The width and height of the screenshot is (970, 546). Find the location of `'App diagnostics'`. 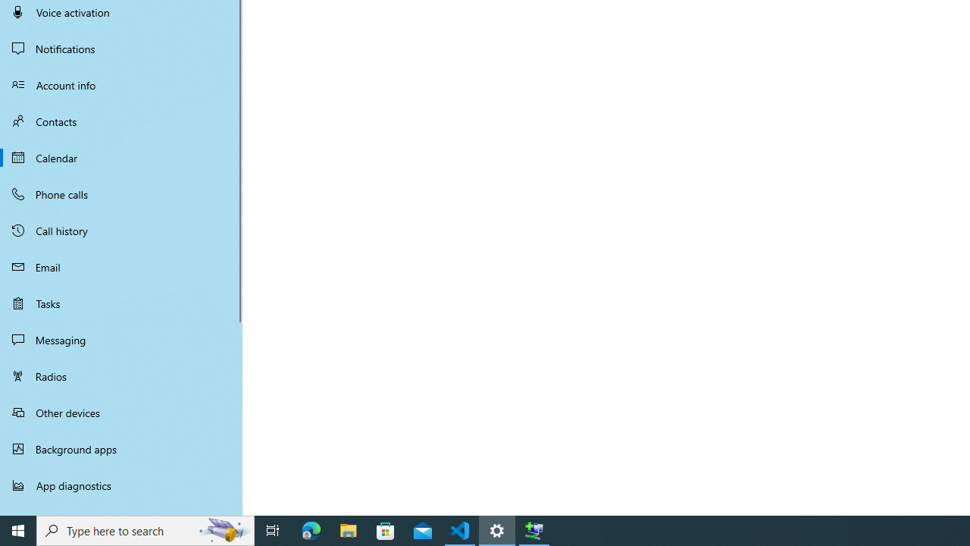

'App diagnostics' is located at coordinates (121, 485).